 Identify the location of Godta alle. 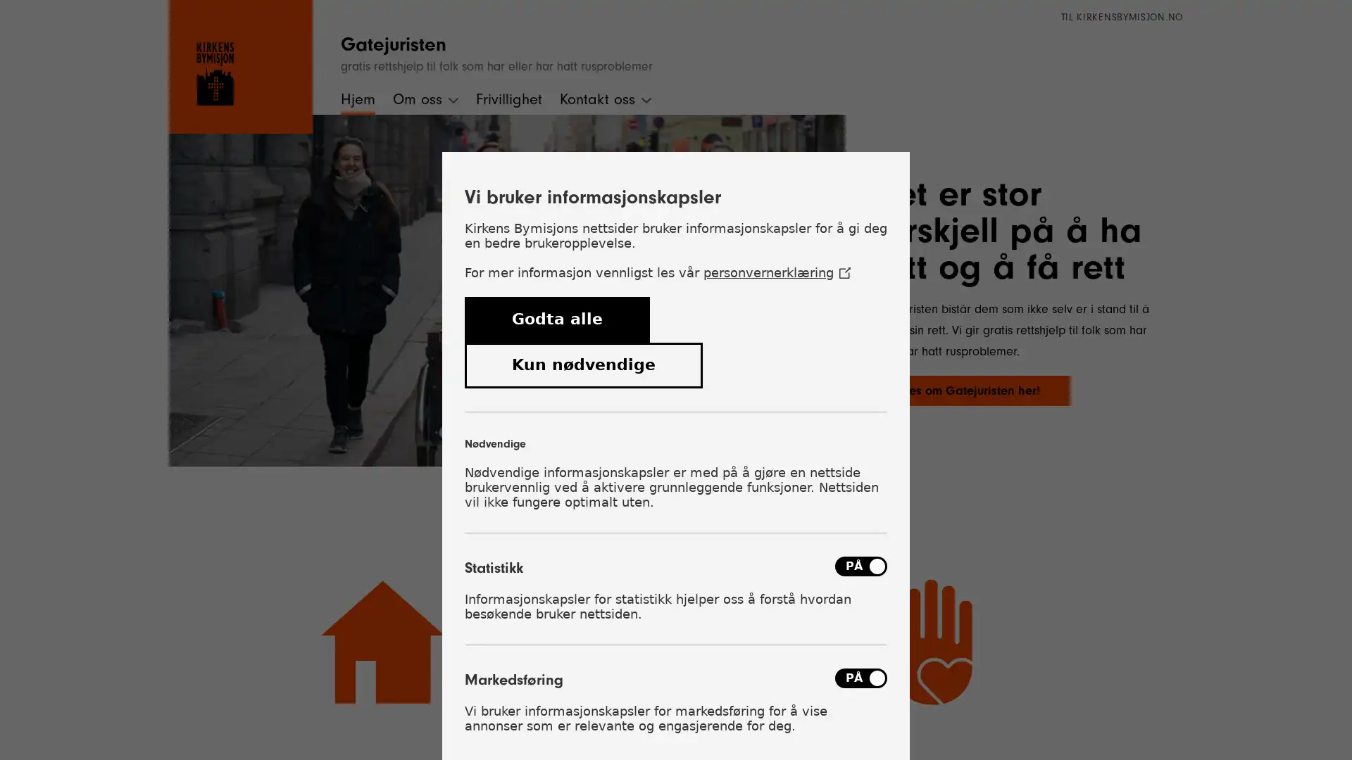
(556, 319).